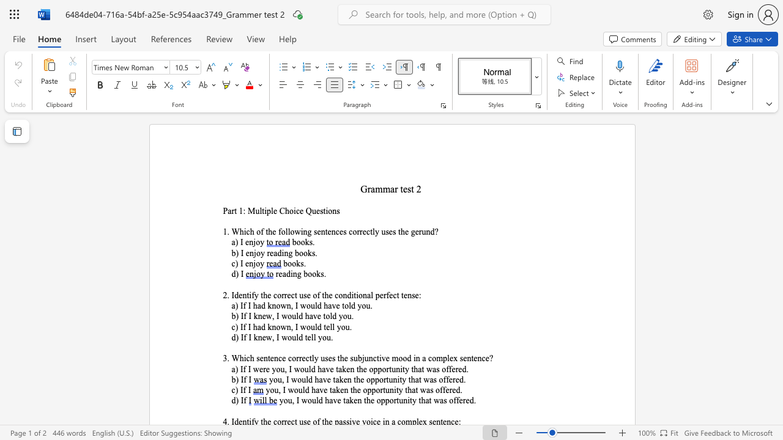 The height and width of the screenshot is (440, 783). What do you see at coordinates (243, 358) in the screenshot?
I see `the space between the continuous character "h" and "i" in the text` at bounding box center [243, 358].